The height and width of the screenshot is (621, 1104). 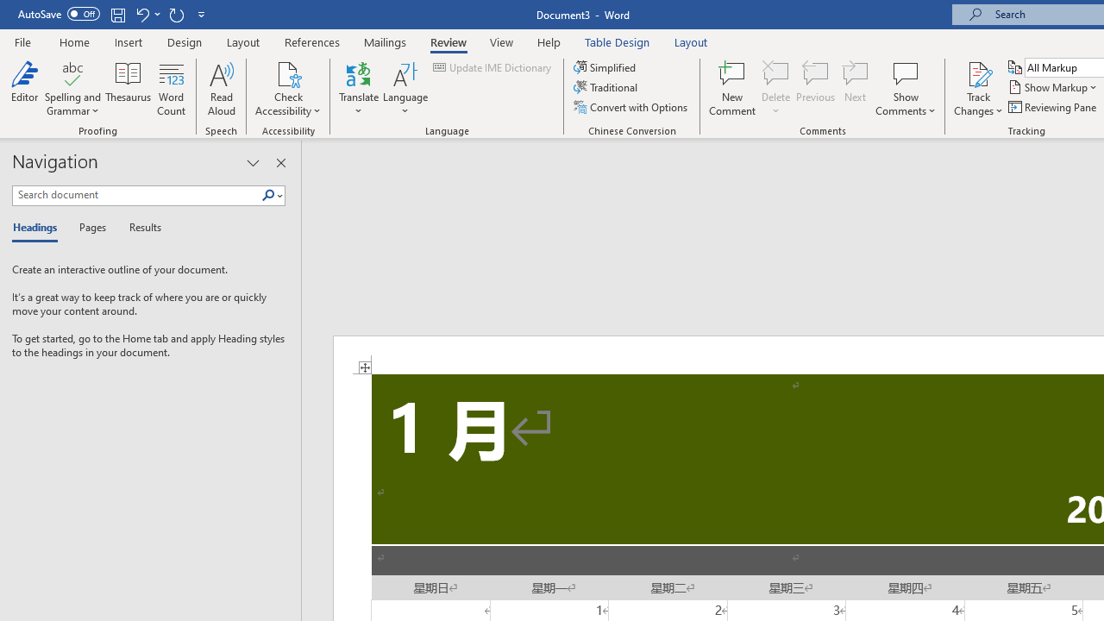 What do you see at coordinates (172, 89) in the screenshot?
I see `'Word Count'` at bounding box center [172, 89].